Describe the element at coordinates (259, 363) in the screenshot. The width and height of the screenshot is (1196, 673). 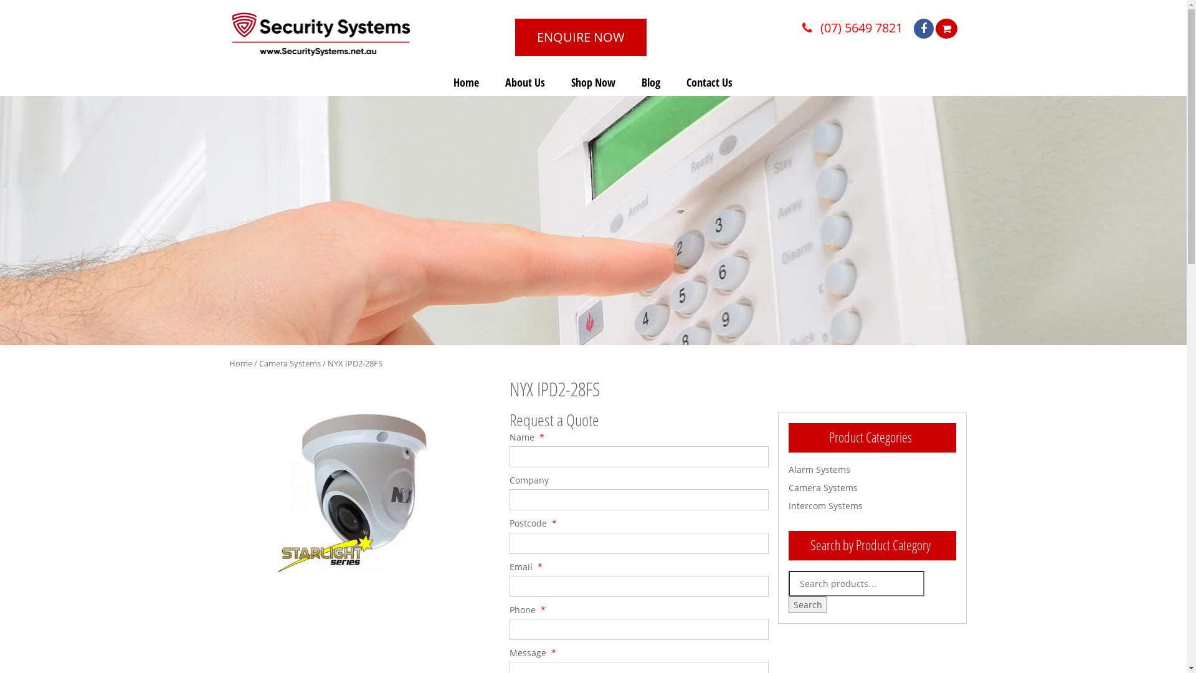
I see `'Camera Systems'` at that location.